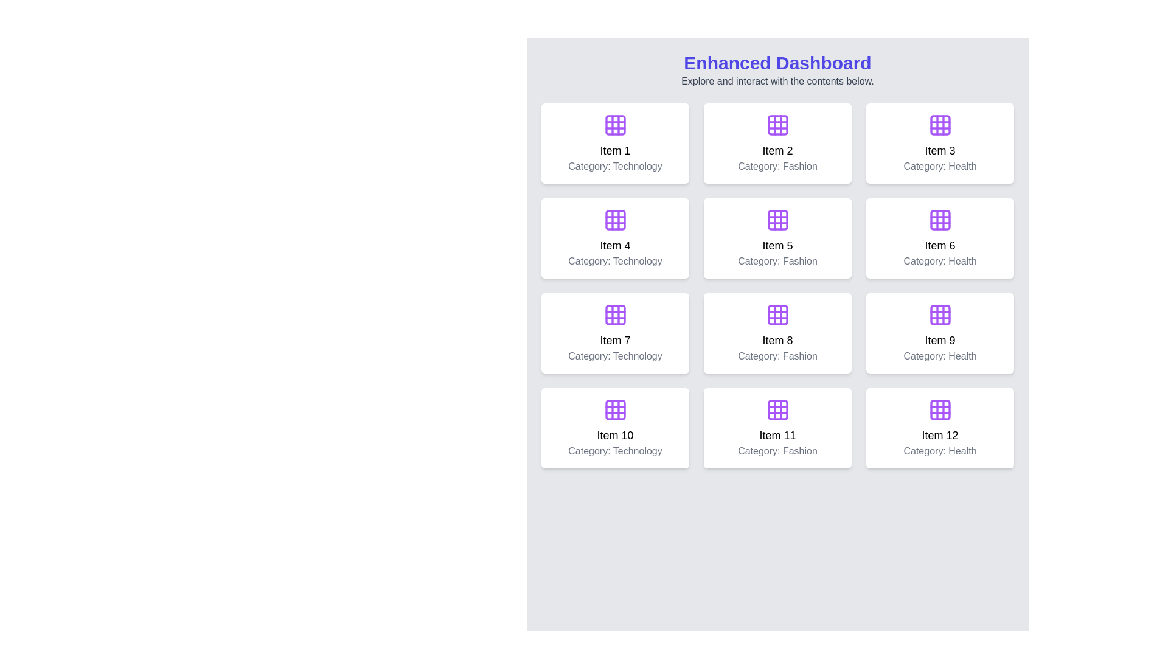  I want to click on the informational Text Label indicating the category 'Health' located within the card labeled 'Item 6', which is positioned in the last position of the second row of horizontally aligned cards, so click(939, 260).